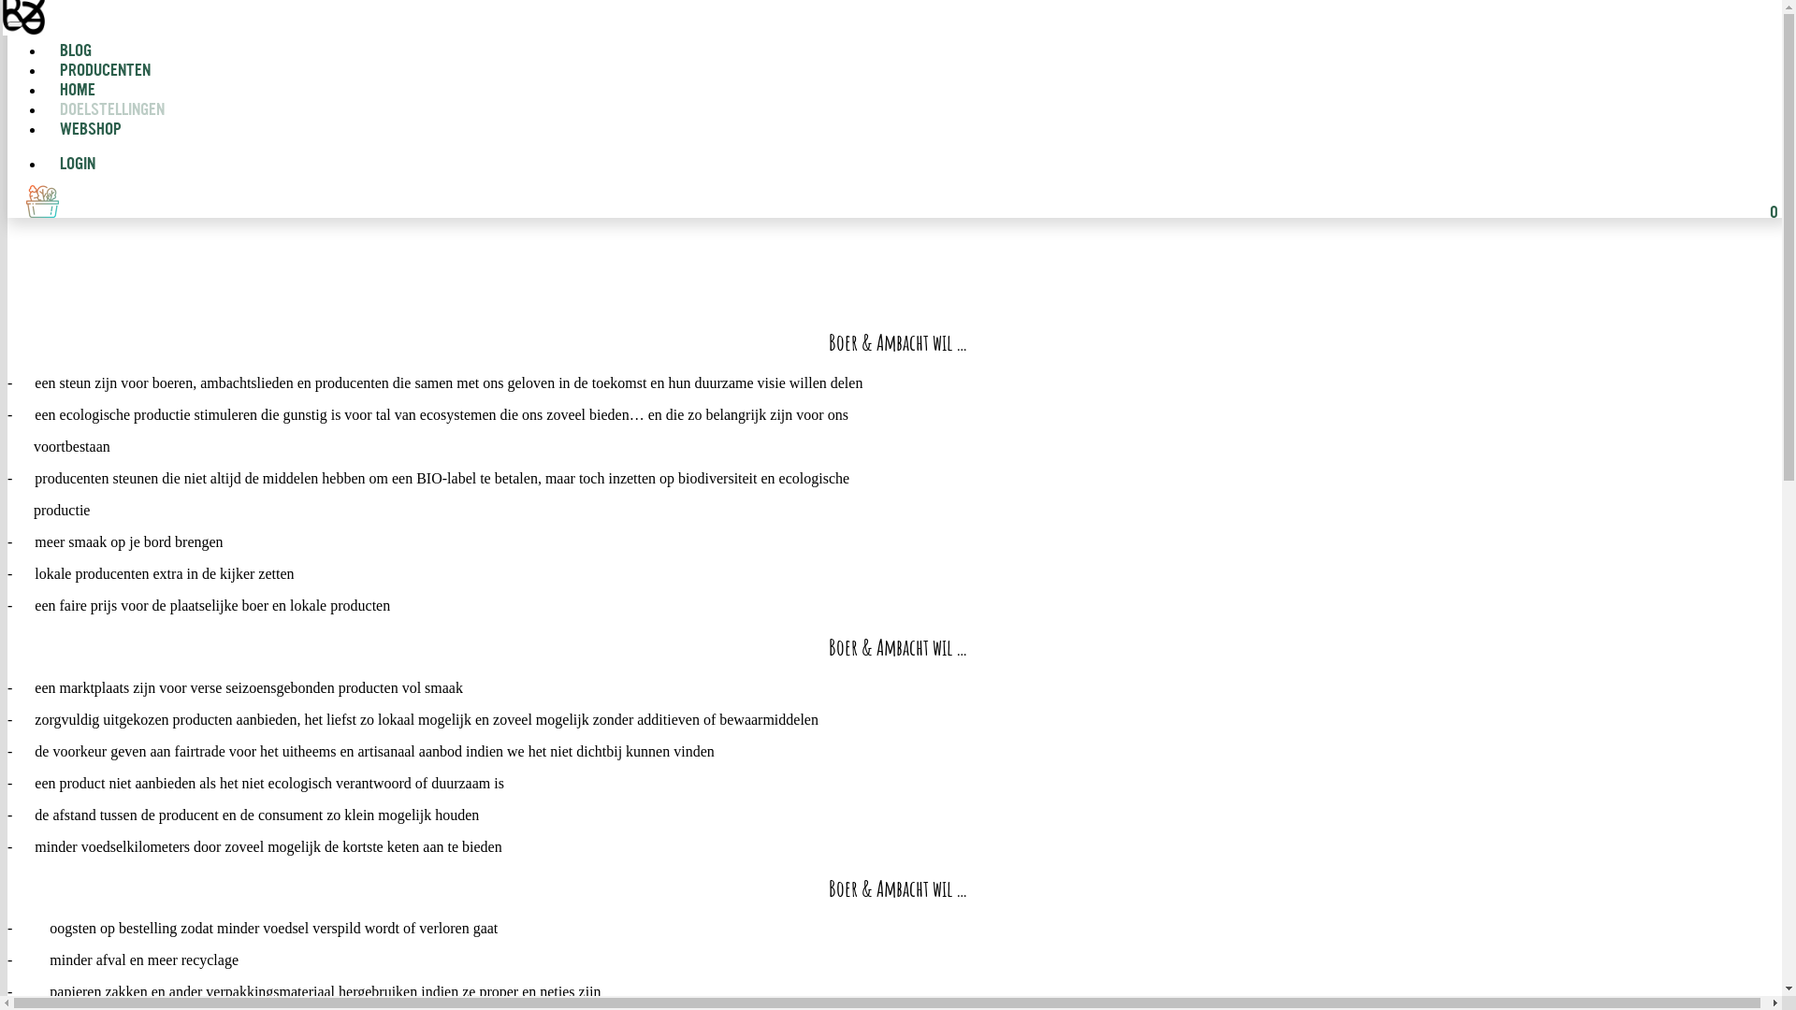 The width and height of the screenshot is (1796, 1010). Describe the element at coordinates (70, 164) in the screenshot. I see `'LOGIN'` at that location.